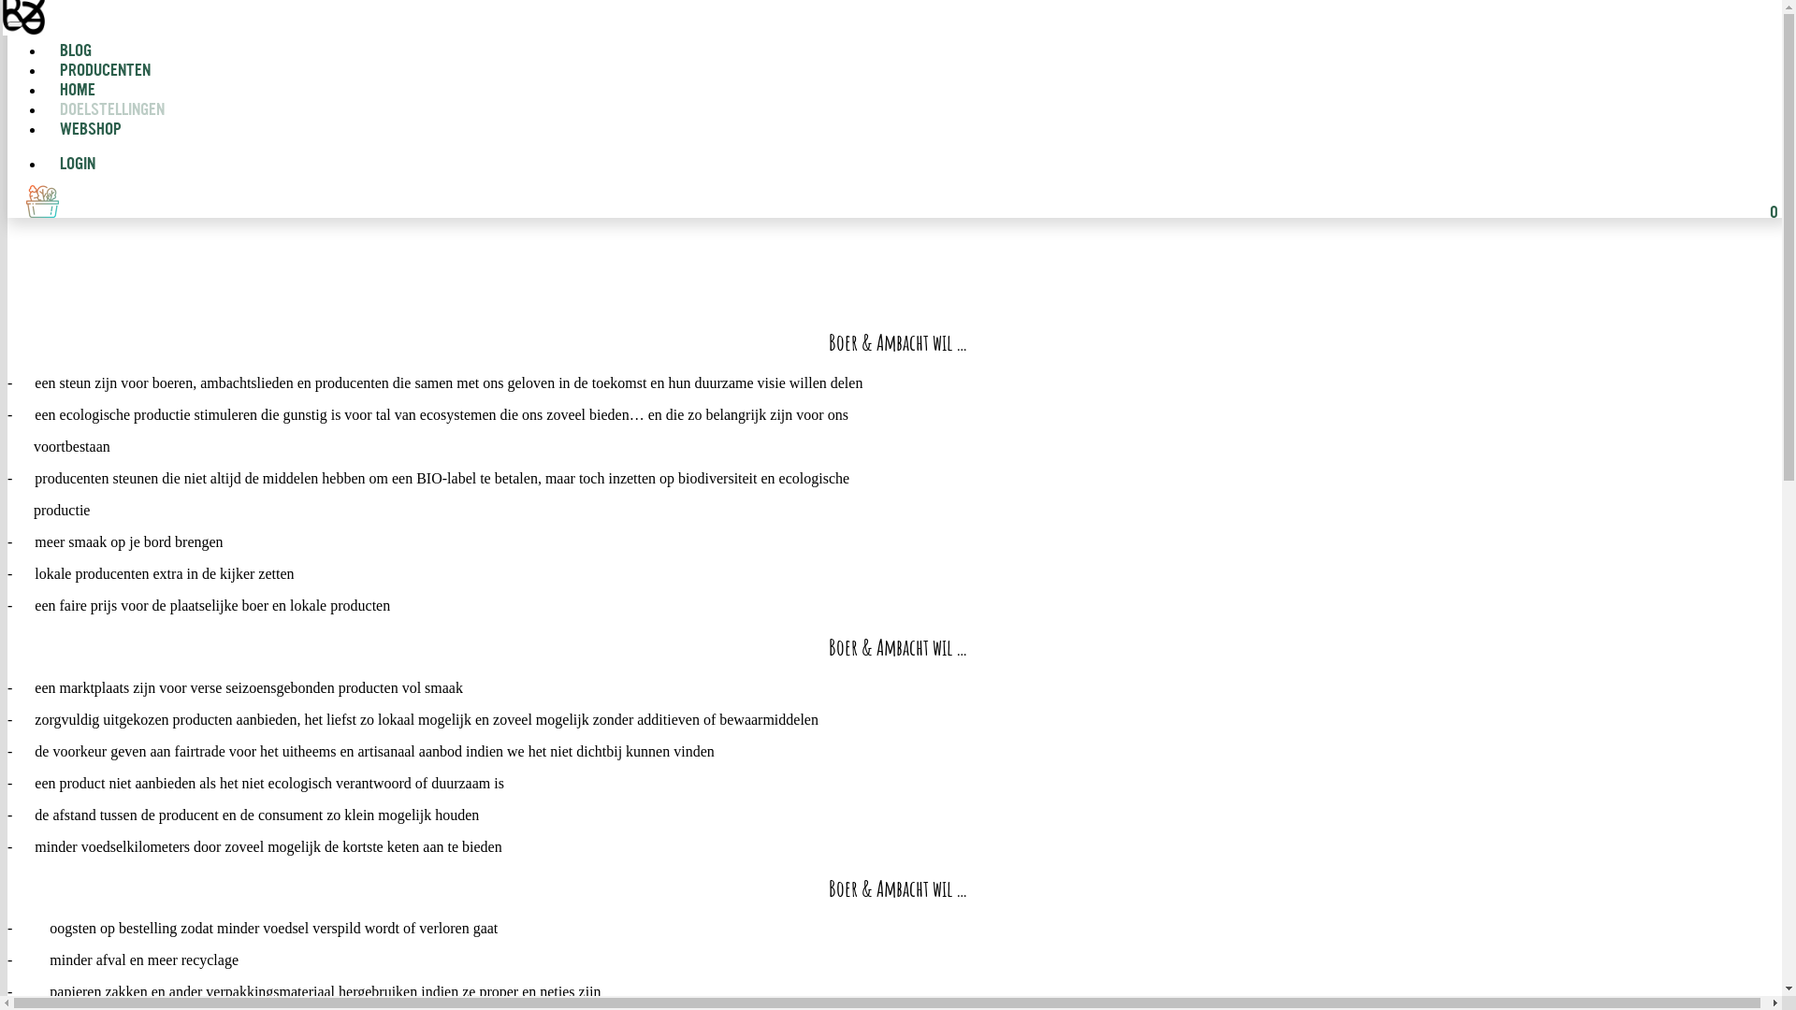 The width and height of the screenshot is (1796, 1010). Describe the element at coordinates (70, 164) in the screenshot. I see `'LOGIN'` at that location.